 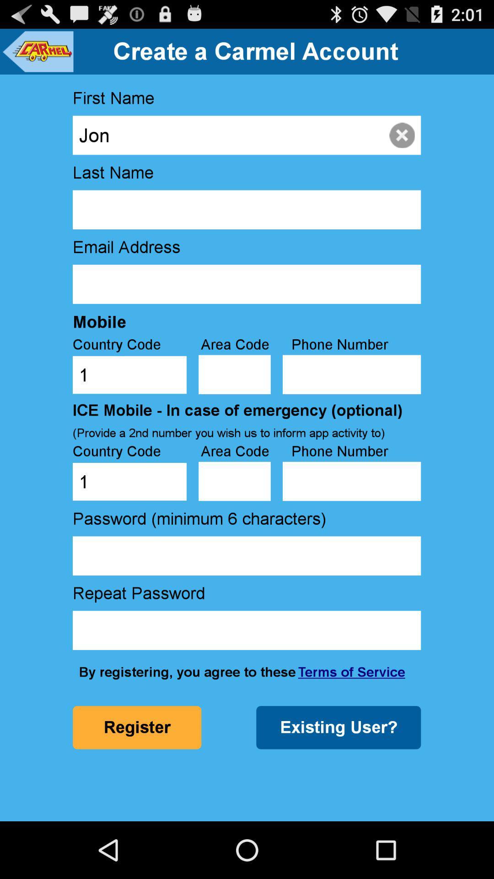 What do you see at coordinates (246, 209) in the screenshot?
I see `the icon below last name item` at bounding box center [246, 209].